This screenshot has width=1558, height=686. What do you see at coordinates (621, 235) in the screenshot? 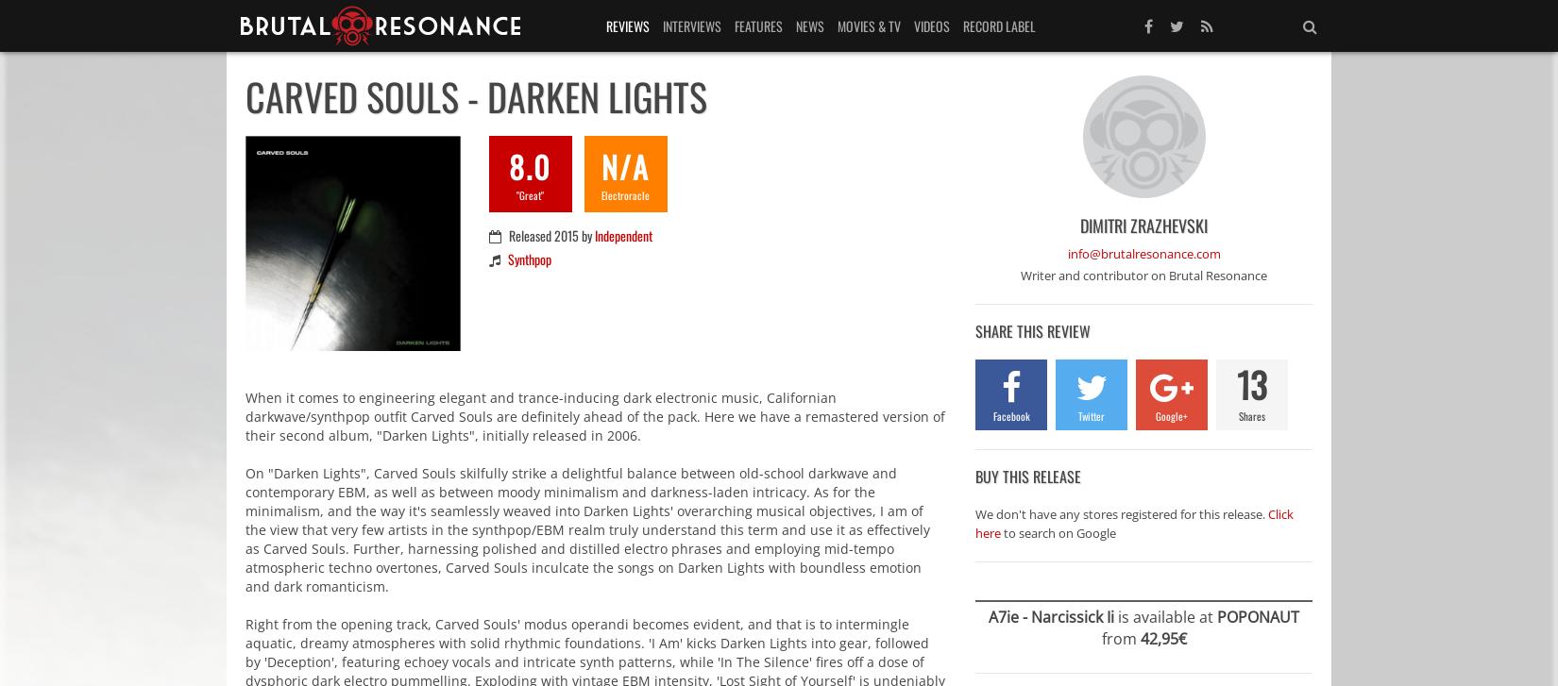
I see `'Independent'` at bounding box center [621, 235].